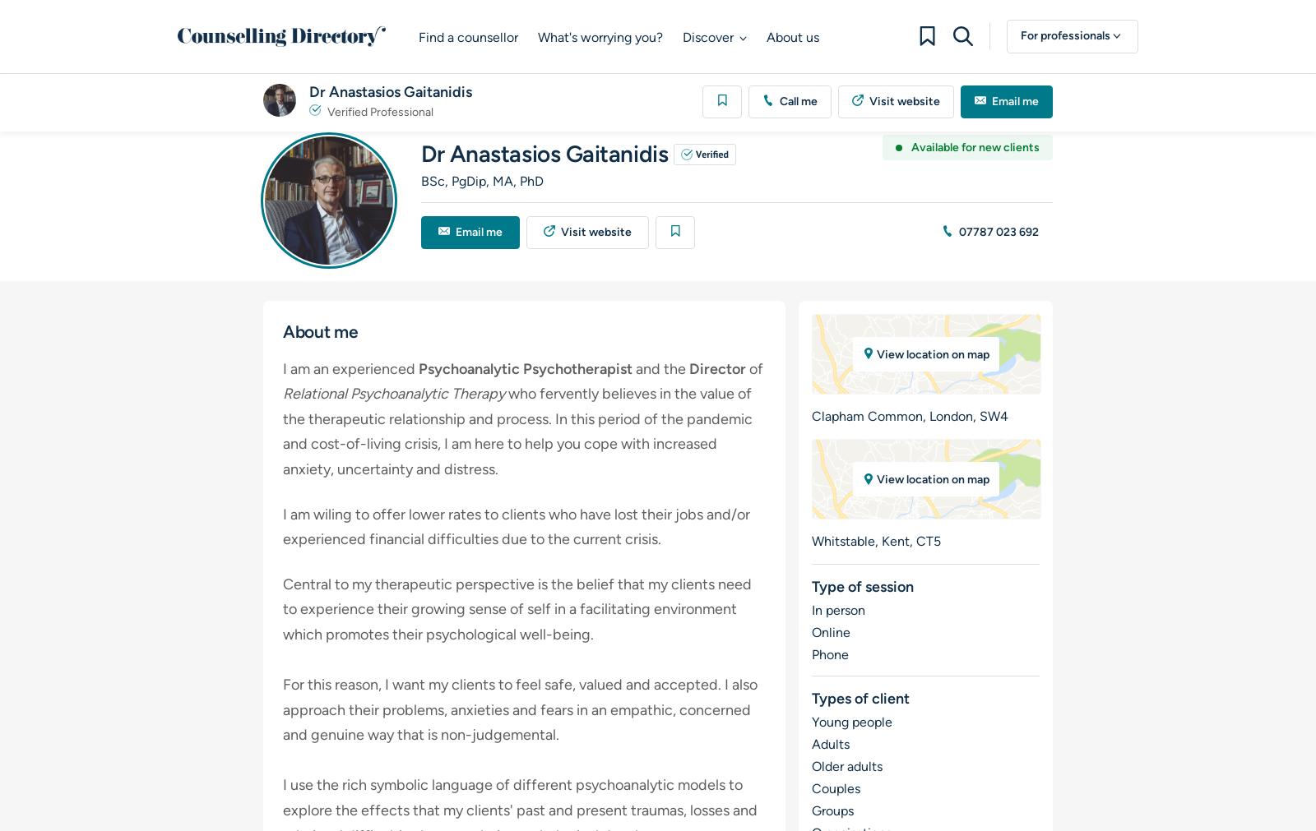 The height and width of the screenshot is (831, 1316). What do you see at coordinates (829, 744) in the screenshot?
I see `'Adults'` at bounding box center [829, 744].